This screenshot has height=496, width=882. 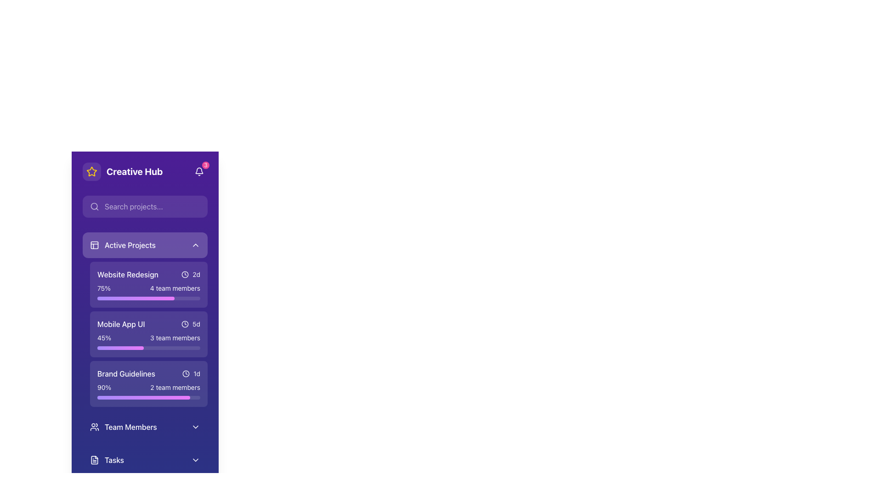 What do you see at coordinates (149, 348) in the screenshot?
I see `the horizontal progress bar within the 'Mobile App UI' project card, which visually represents 45% completion and is styled with a gradient from violet to fuchsia` at bounding box center [149, 348].